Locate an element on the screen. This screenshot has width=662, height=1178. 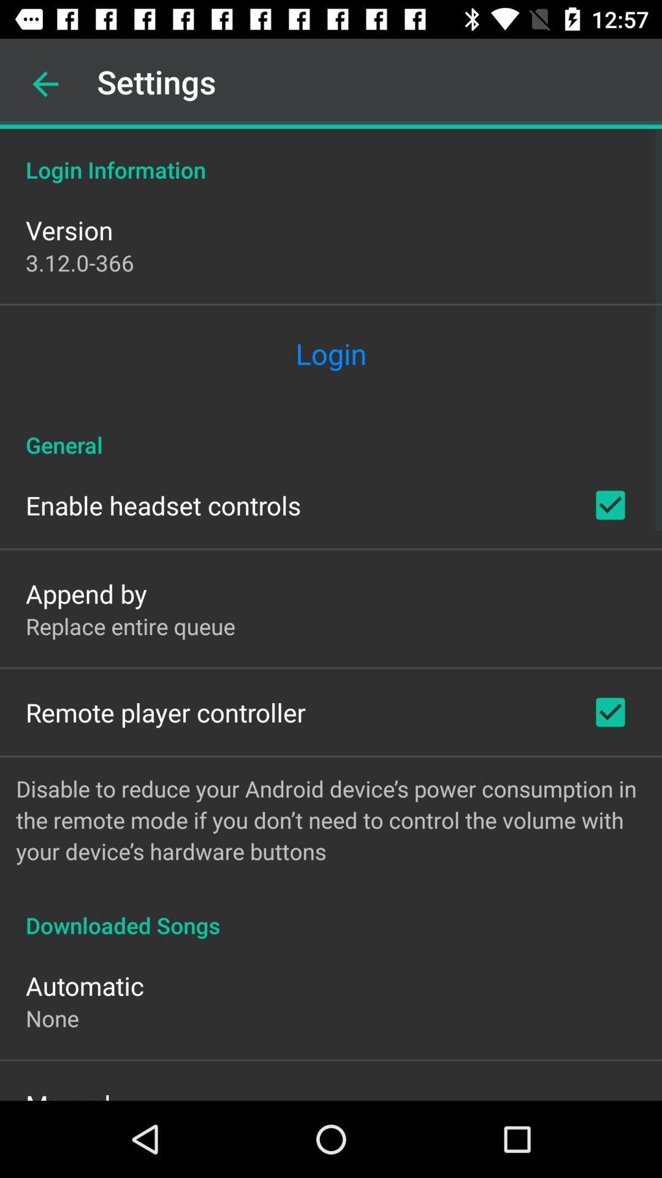
the item above the none item is located at coordinates (84, 985).